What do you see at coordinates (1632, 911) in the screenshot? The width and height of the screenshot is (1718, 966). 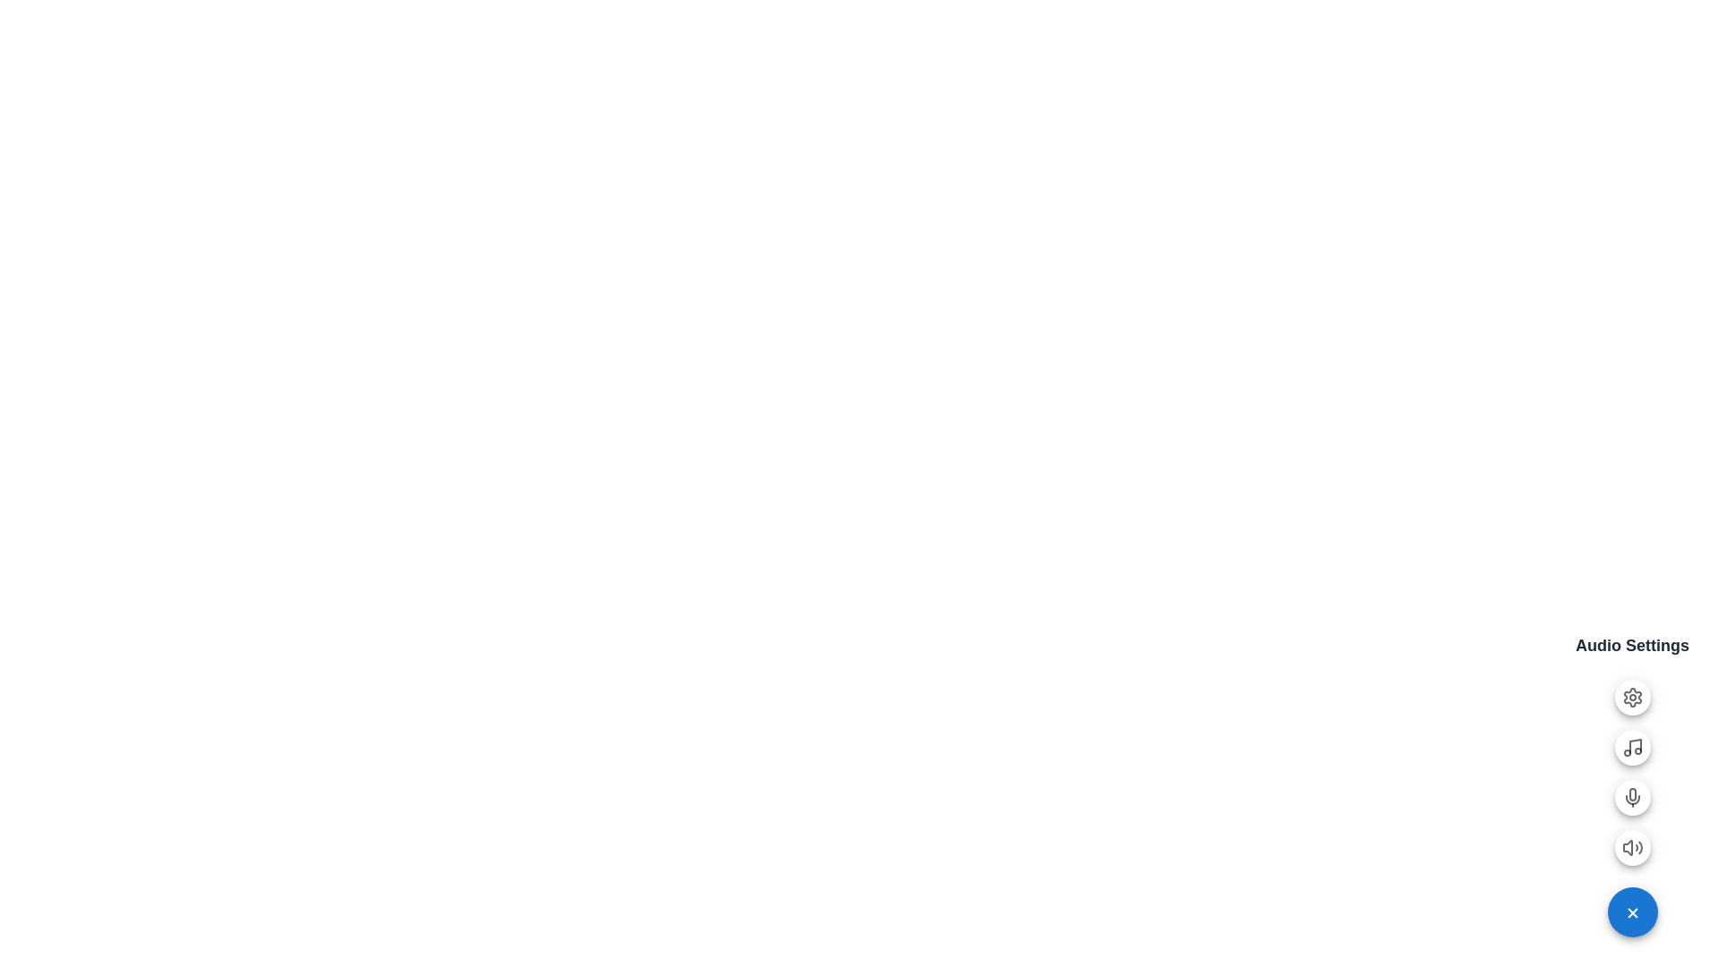 I see `the circular icon button with a blue background and a white cross symbol, located at the bottom of the vertical stack in the 'Audio Settings' section` at bounding box center [1632, 911].